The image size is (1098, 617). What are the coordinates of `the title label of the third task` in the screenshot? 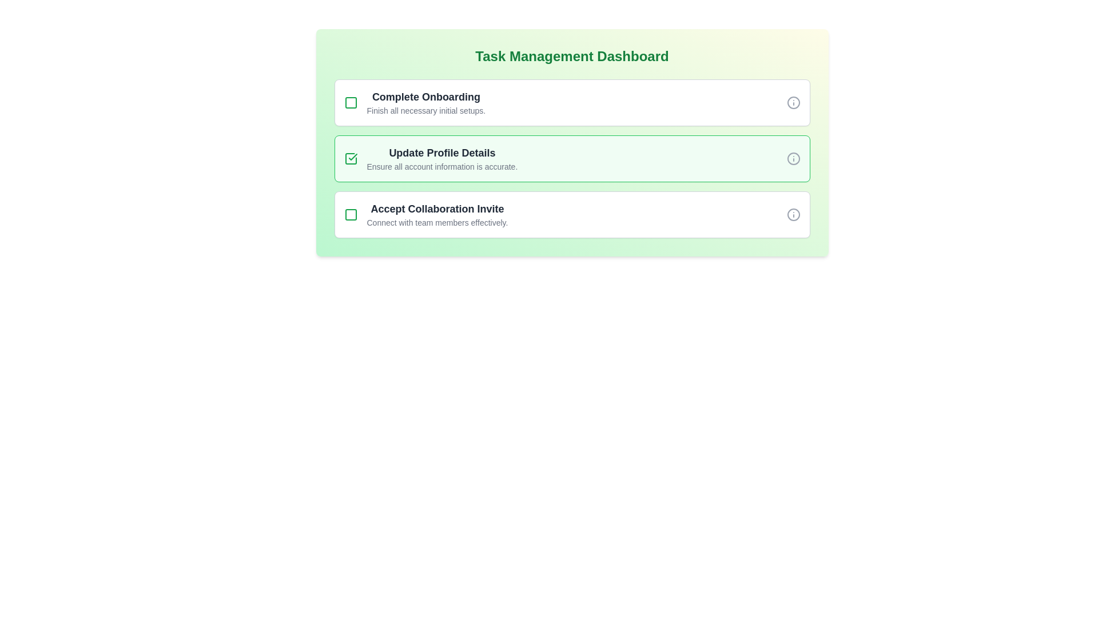 It's located at (436, 209).